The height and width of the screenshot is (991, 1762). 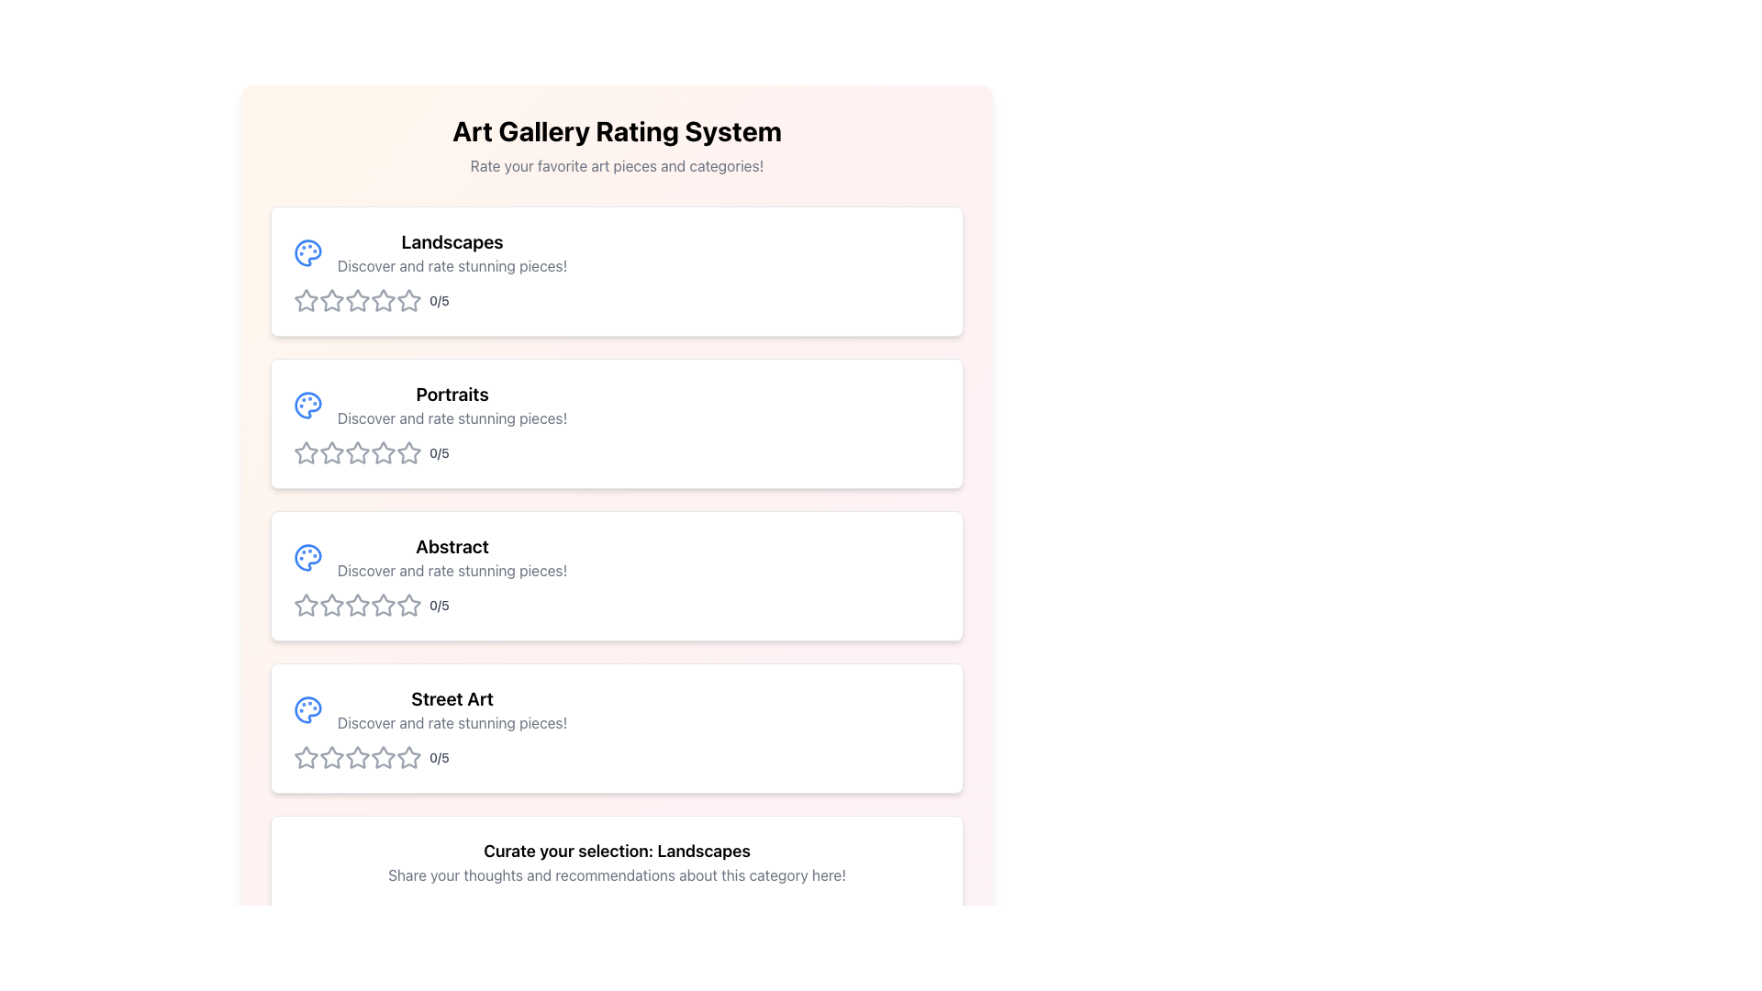 What do you see at coordinates (452, 709) in the screenshot?
I see `the 'Street Art' text block element, which contains the heading and description, aligned to the left and below an art palette icon` at bounding box center [452, 709].